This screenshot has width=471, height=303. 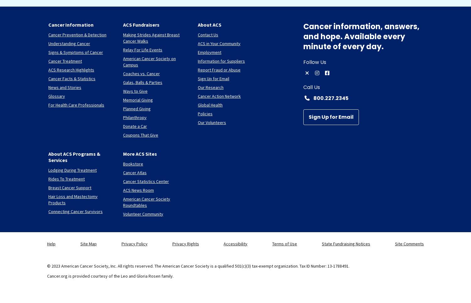 What do you see at coordinates (219, 43) in the screenshot?
I see `'ACS in Your Community'` at bounding box center [219, 43].